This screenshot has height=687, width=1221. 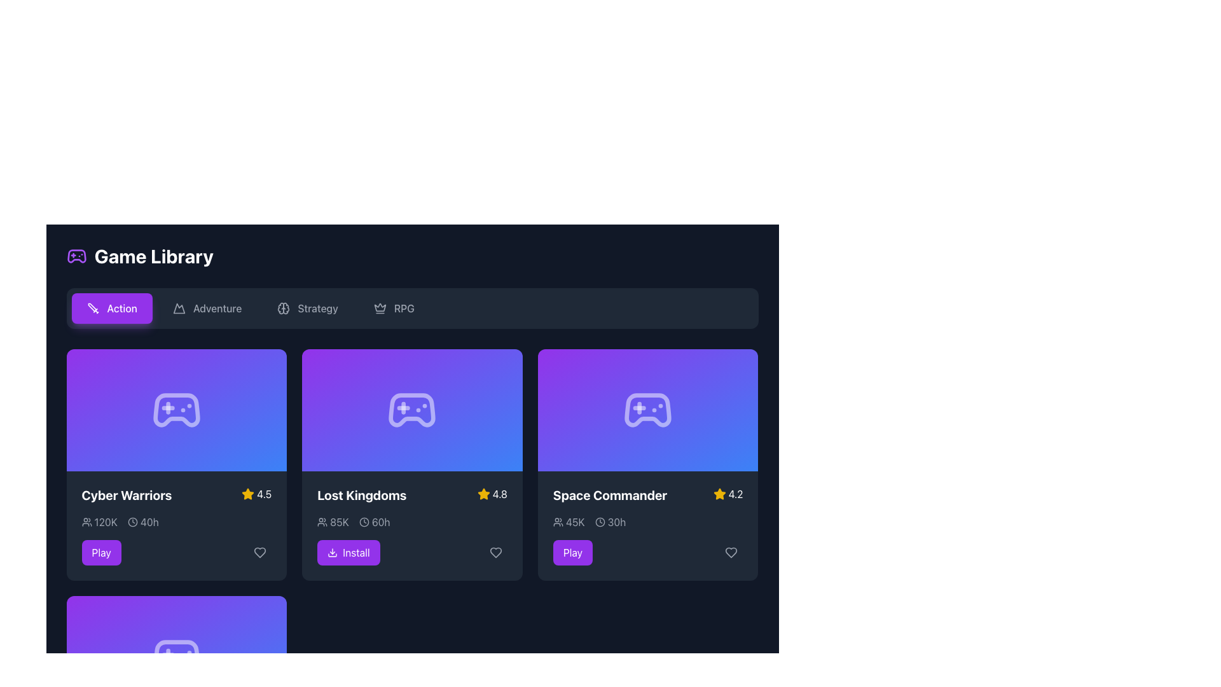 I want to click on the heart-shaped icon button located in the bottom-right corner of the game card for 'Cyber Warriors' to mark it as a favorite, so click(x=259, y=552).